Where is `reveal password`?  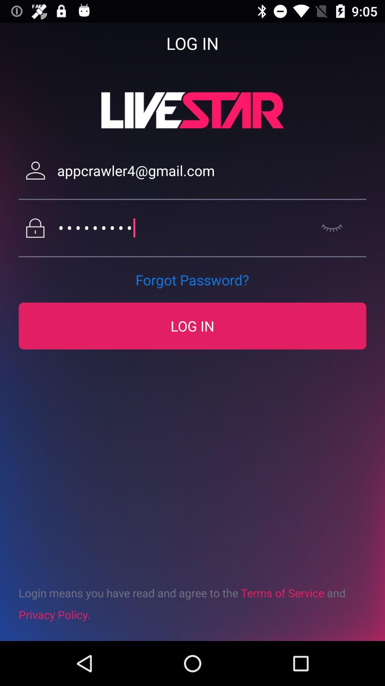 reveal password is located at coordinates (332, 228).